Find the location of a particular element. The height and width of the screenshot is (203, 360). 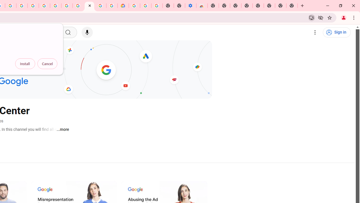

'Google Transparency Center - YouTube' is located at coordinates (89, 6).